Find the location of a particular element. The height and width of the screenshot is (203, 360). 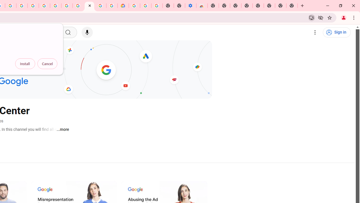

'Google Transparency Center - YouTube' is located at coordinates (89, 6).